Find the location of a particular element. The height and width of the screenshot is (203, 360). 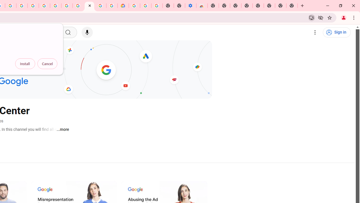

'Google Transparency Center - YouTube' is located at coordinates (89, 6).